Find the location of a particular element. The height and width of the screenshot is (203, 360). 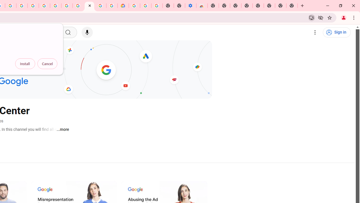

'Google Transparency Center - YouTube' is located at coordinates (89, 6).